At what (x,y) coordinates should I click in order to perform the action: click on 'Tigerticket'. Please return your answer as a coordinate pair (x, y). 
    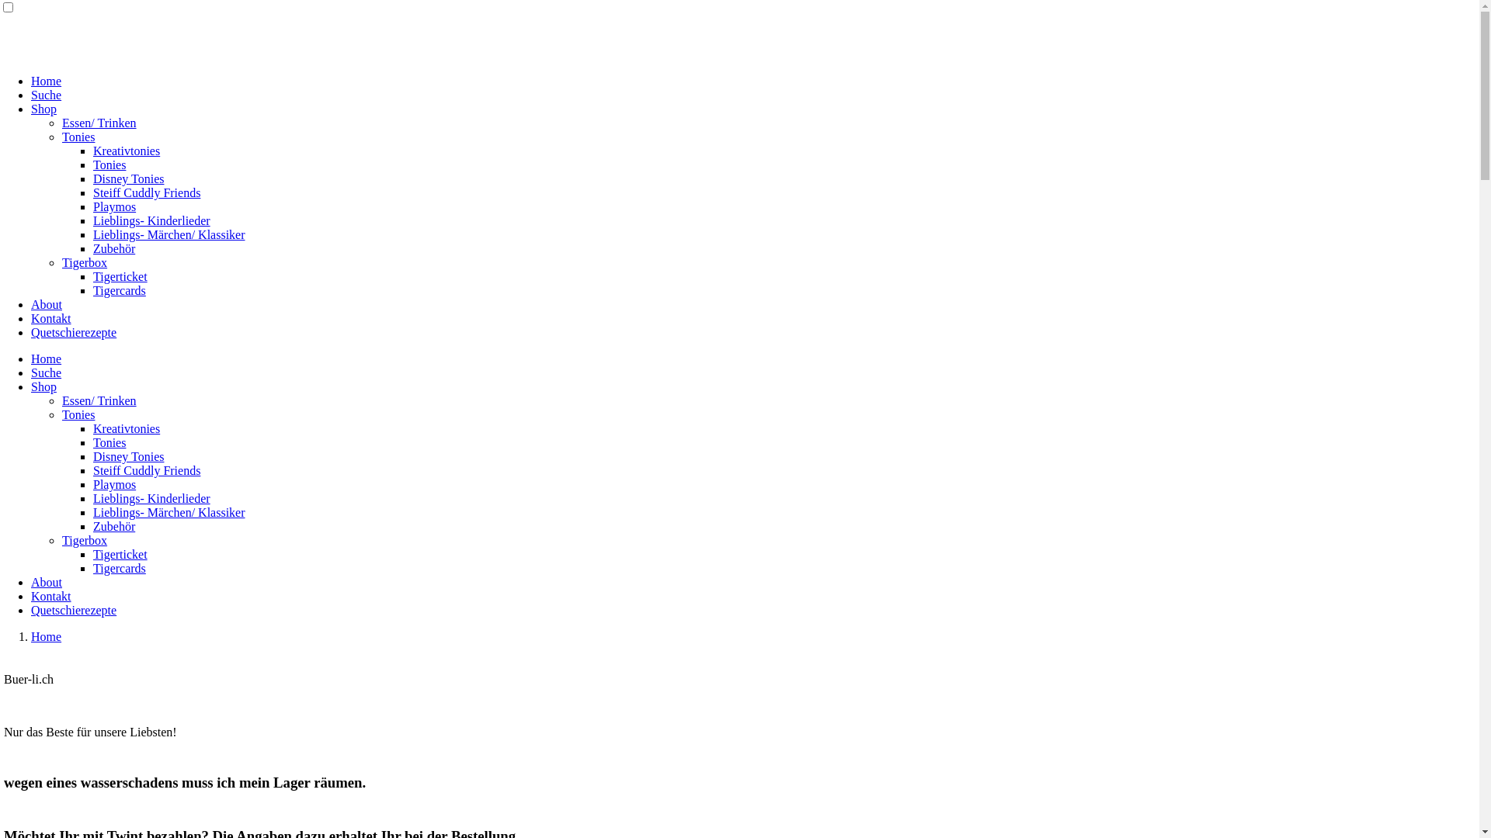
    Looking at the image, I should click on (119, 553).